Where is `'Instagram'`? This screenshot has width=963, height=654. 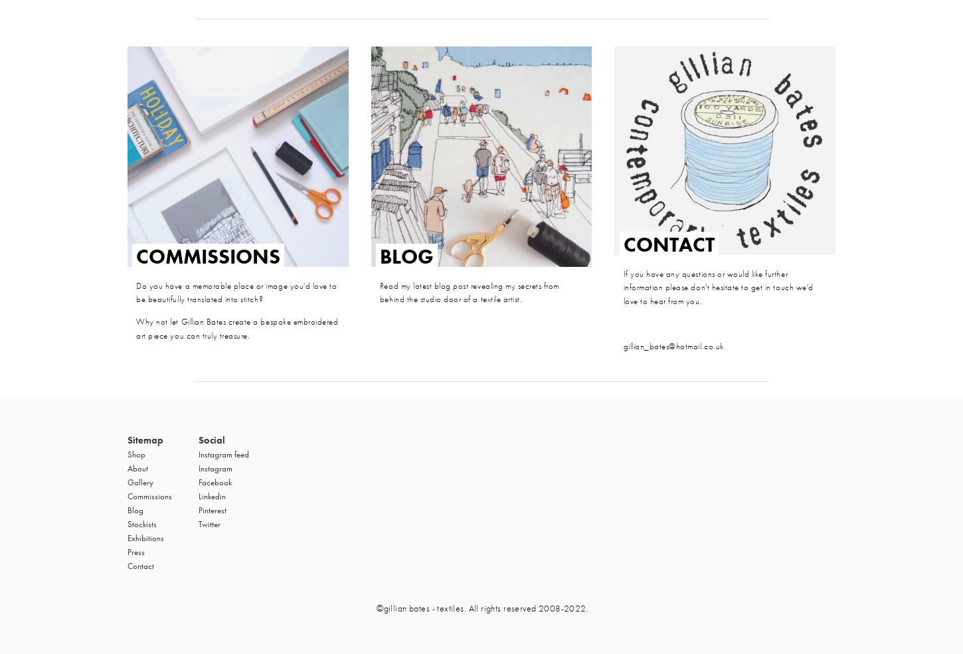 'Instagram' is located at coordinates (215, 467).